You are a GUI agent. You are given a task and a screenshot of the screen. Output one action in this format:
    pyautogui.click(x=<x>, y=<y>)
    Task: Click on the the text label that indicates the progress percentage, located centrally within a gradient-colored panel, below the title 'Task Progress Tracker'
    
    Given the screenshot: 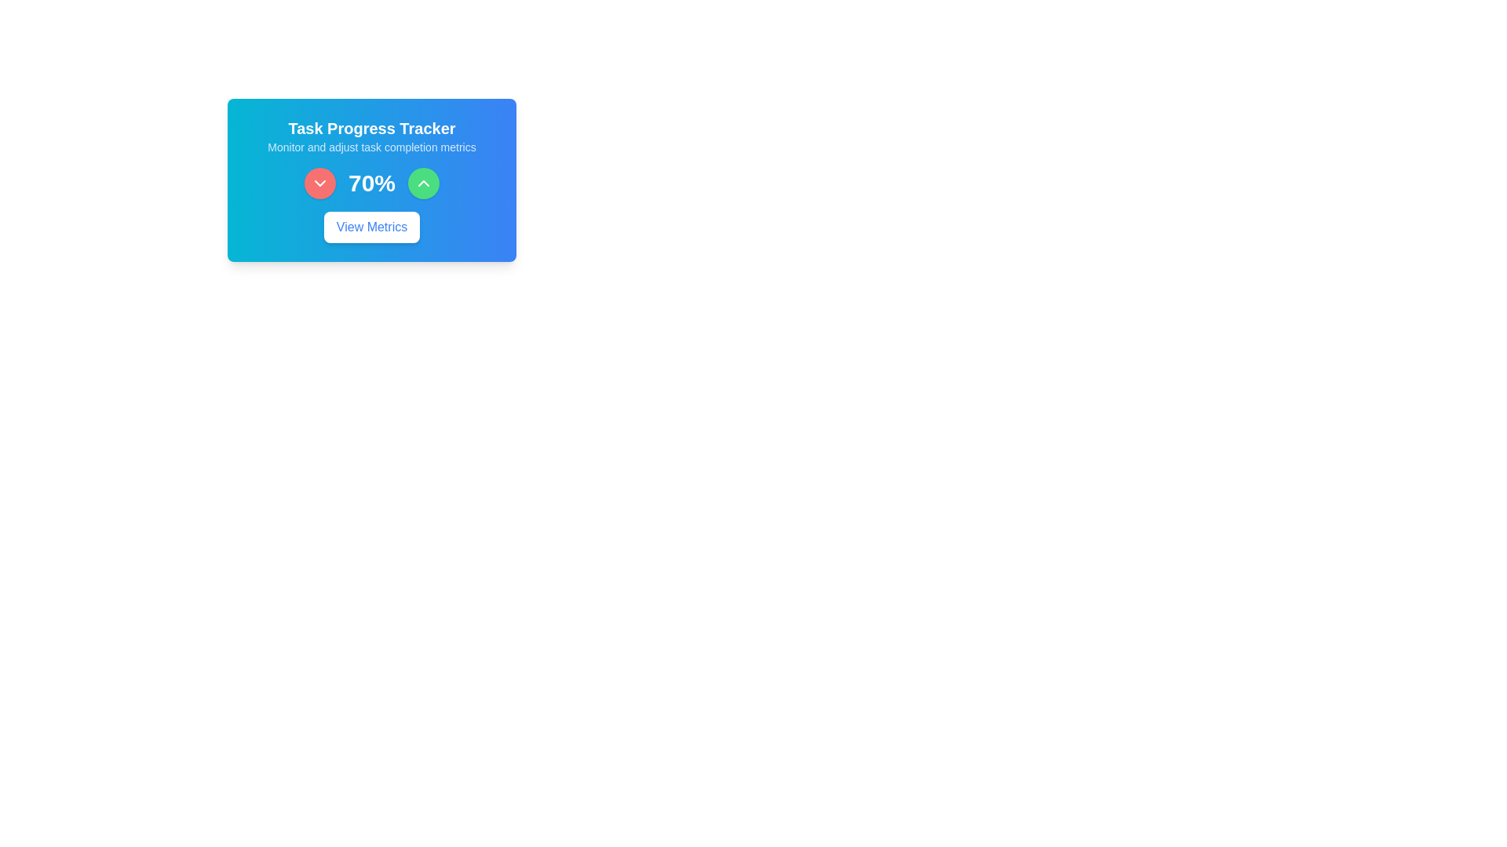 What is the action you would take?
    pyautogui.click(x=371, y=183)
    